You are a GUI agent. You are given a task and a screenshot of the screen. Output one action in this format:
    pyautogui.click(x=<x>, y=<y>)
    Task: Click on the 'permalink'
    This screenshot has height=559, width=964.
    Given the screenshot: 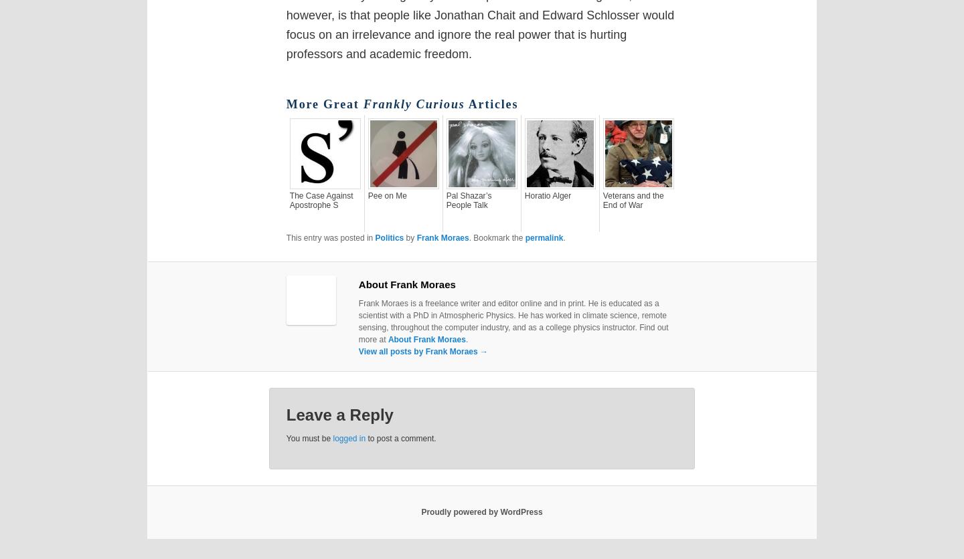 What is the action you would take?
    pyautogui.click(x=524, y=236)
    